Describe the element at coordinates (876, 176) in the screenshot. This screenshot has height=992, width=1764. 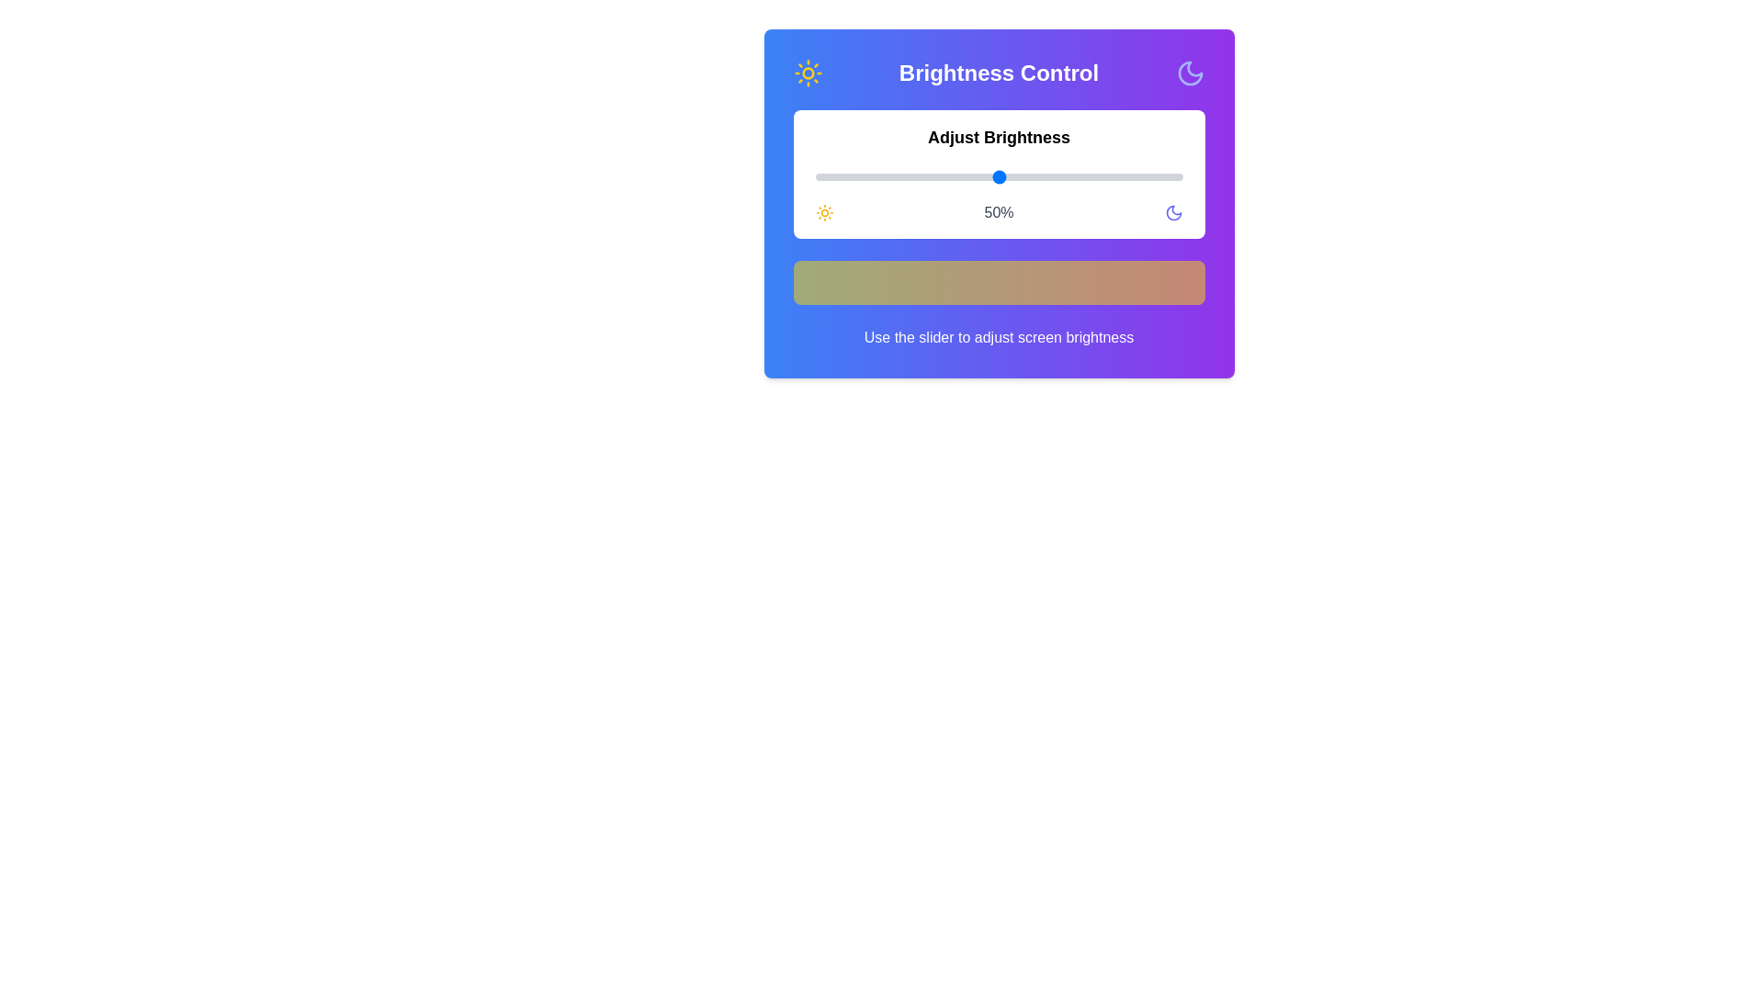
I see `the brightness slider to 17%` at that location.